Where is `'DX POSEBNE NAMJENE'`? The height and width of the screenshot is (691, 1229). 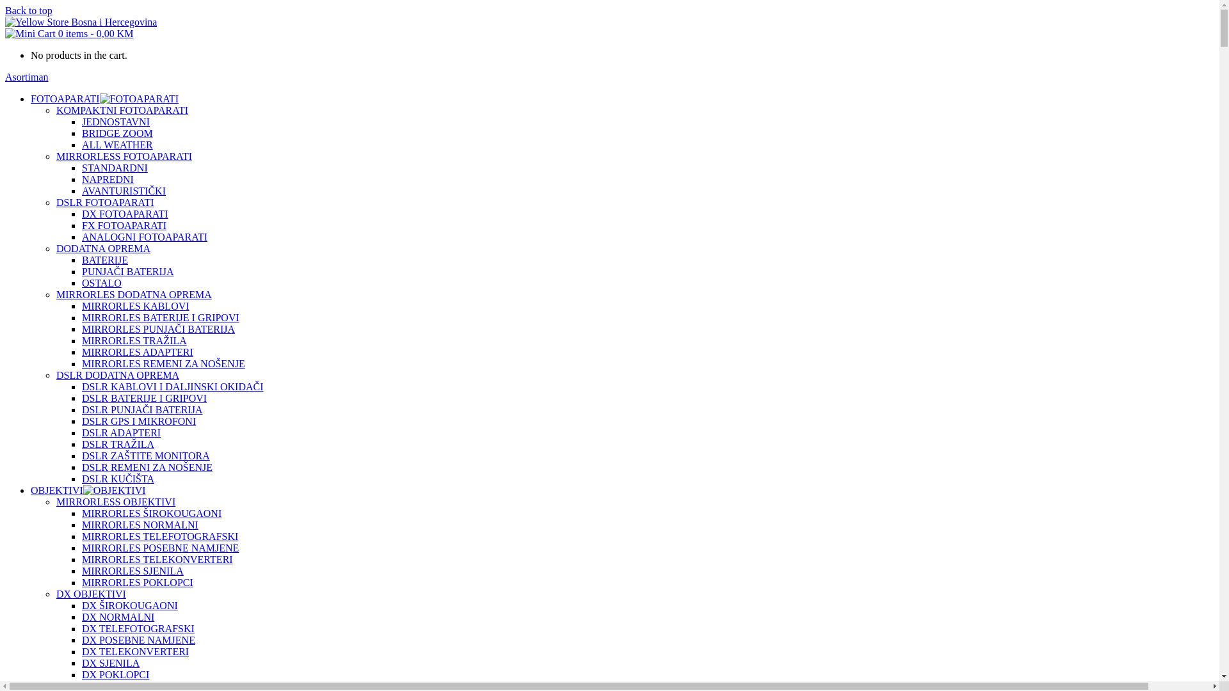 'DX POSEBNE NAMJENE' is located at coordinates (138, 640).